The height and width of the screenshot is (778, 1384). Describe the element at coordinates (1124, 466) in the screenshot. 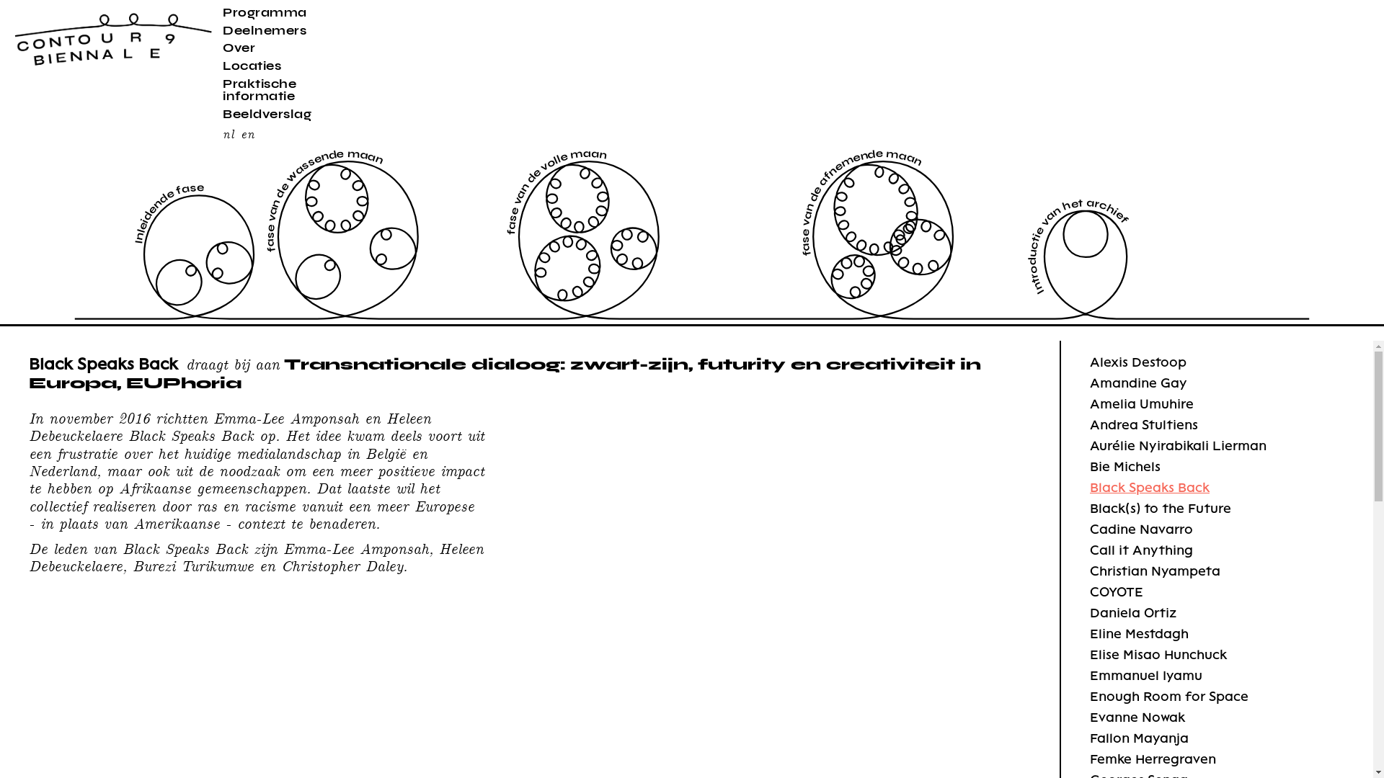

I see `'Bie Michels'` at that location.